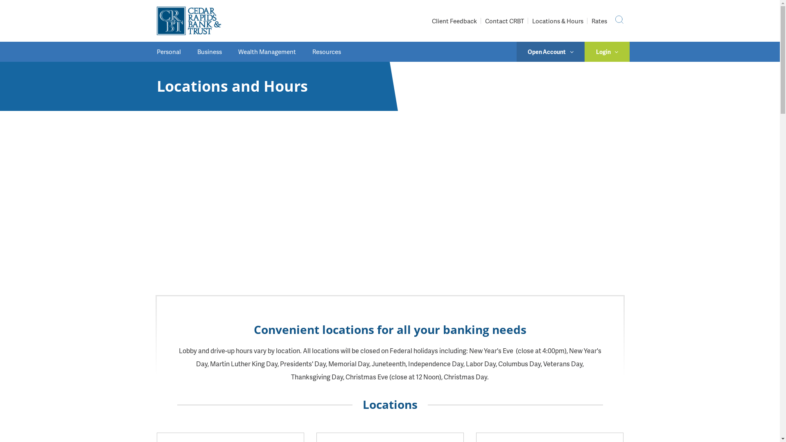 The width and height of the screenshot is (786, 442). Describe the element at coordinates (607, 52) in the screenshot. I see `'Login'` at that location.